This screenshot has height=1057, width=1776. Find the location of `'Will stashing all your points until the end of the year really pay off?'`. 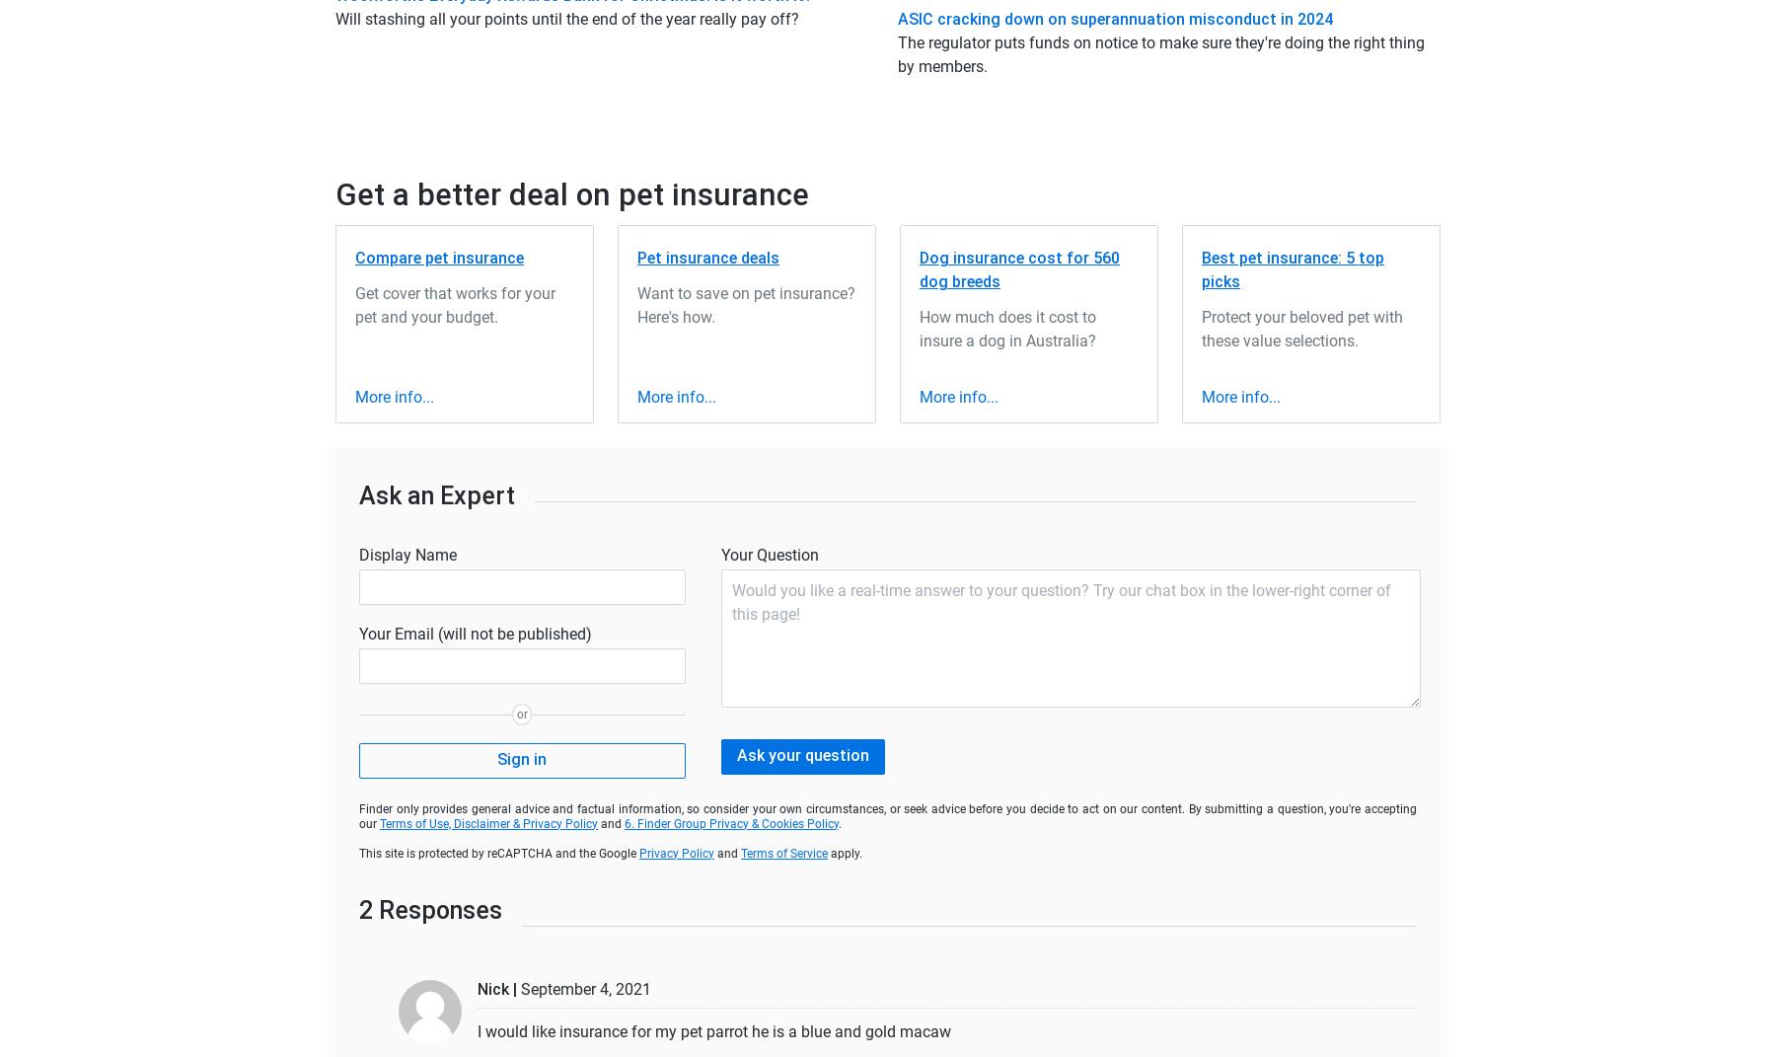

'Will stashing all your points until the end of the year really pay off?' is located at coordinates (335, 17).